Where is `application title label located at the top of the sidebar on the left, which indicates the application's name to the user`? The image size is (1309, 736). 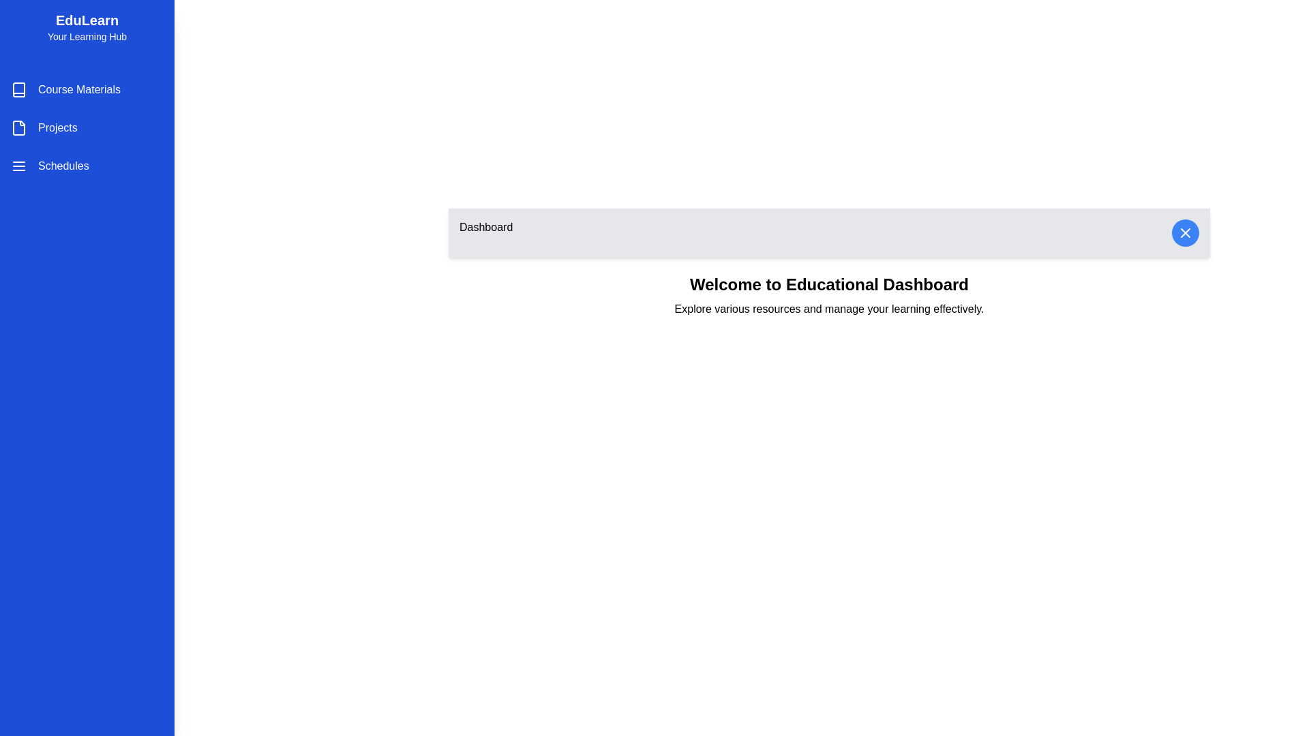 application title label located at the top of the sidebar on the left, which indicates the application's name to the user is located at coordinates (87, 20).